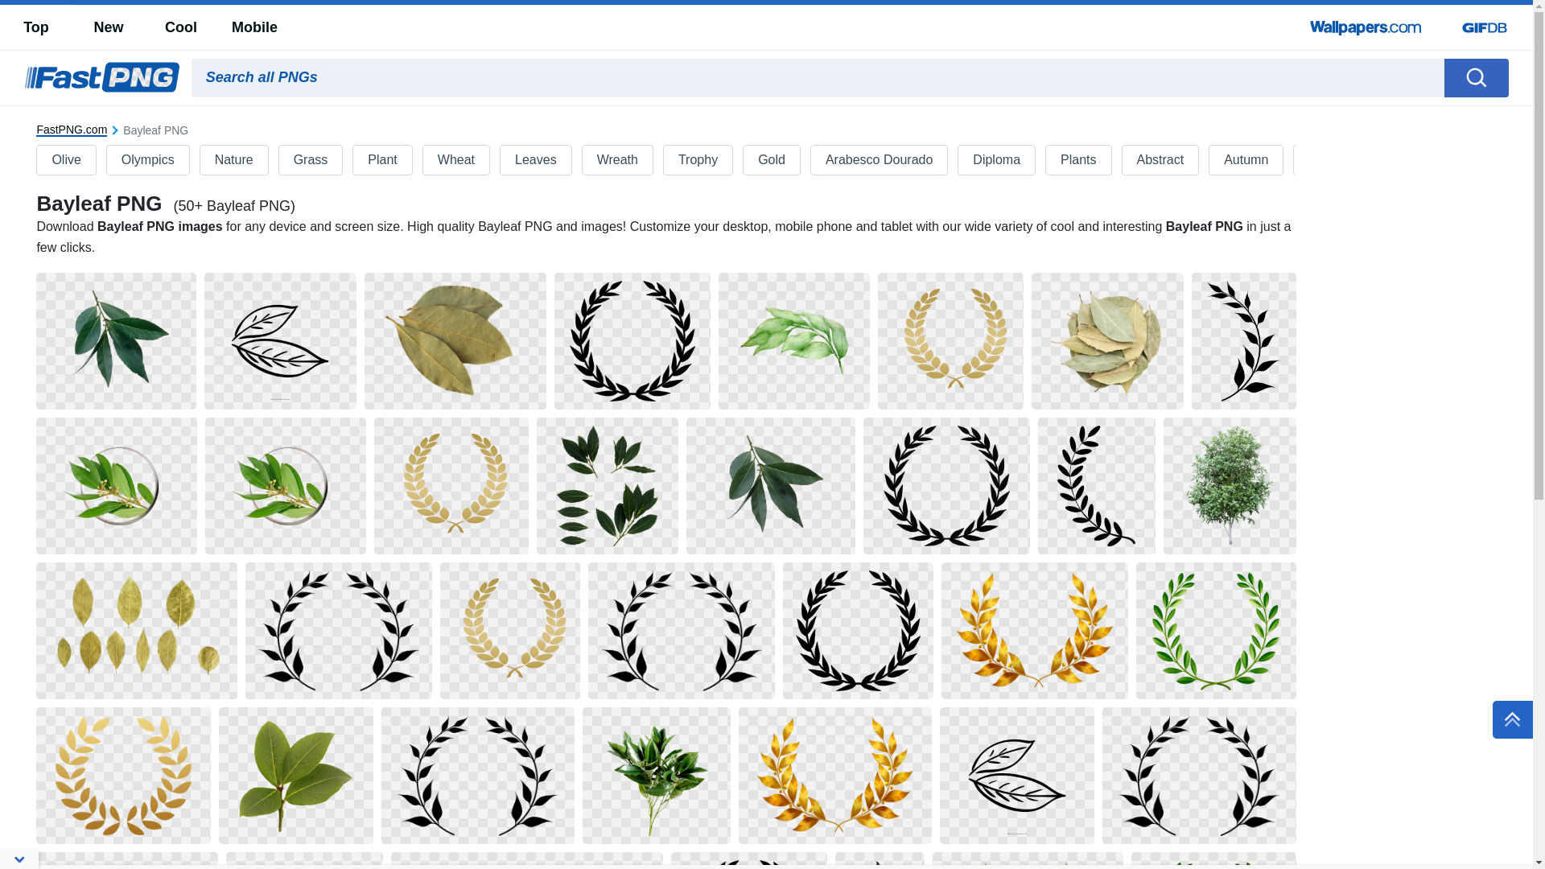 This screenshot has width=1545, height=869. Describe the element at coordinates (1120, 160) in the screenshot. I see `'Abstract'` at that location.